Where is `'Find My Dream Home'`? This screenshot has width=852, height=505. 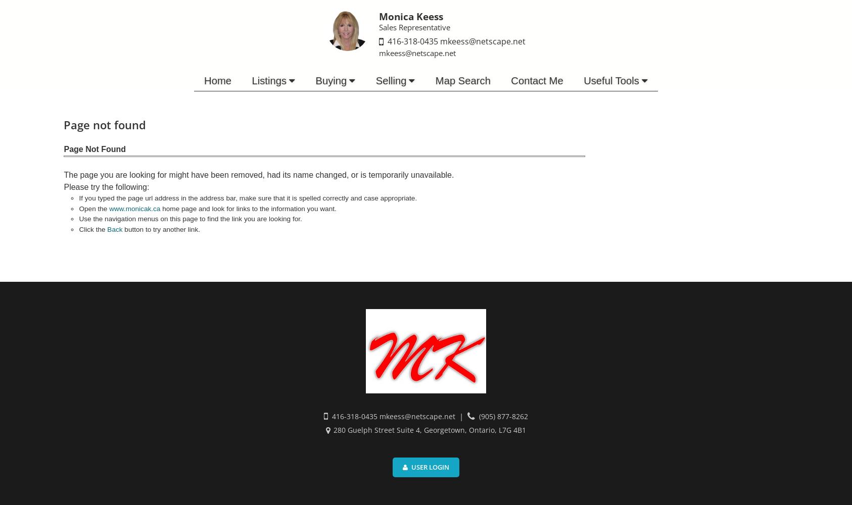 'Find My Dream Home' is located at coordinates (314, 98).